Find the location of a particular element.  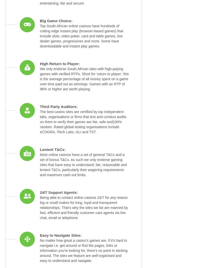

'Easy to Navigate Sites:' is located at coordinates (40, 235).